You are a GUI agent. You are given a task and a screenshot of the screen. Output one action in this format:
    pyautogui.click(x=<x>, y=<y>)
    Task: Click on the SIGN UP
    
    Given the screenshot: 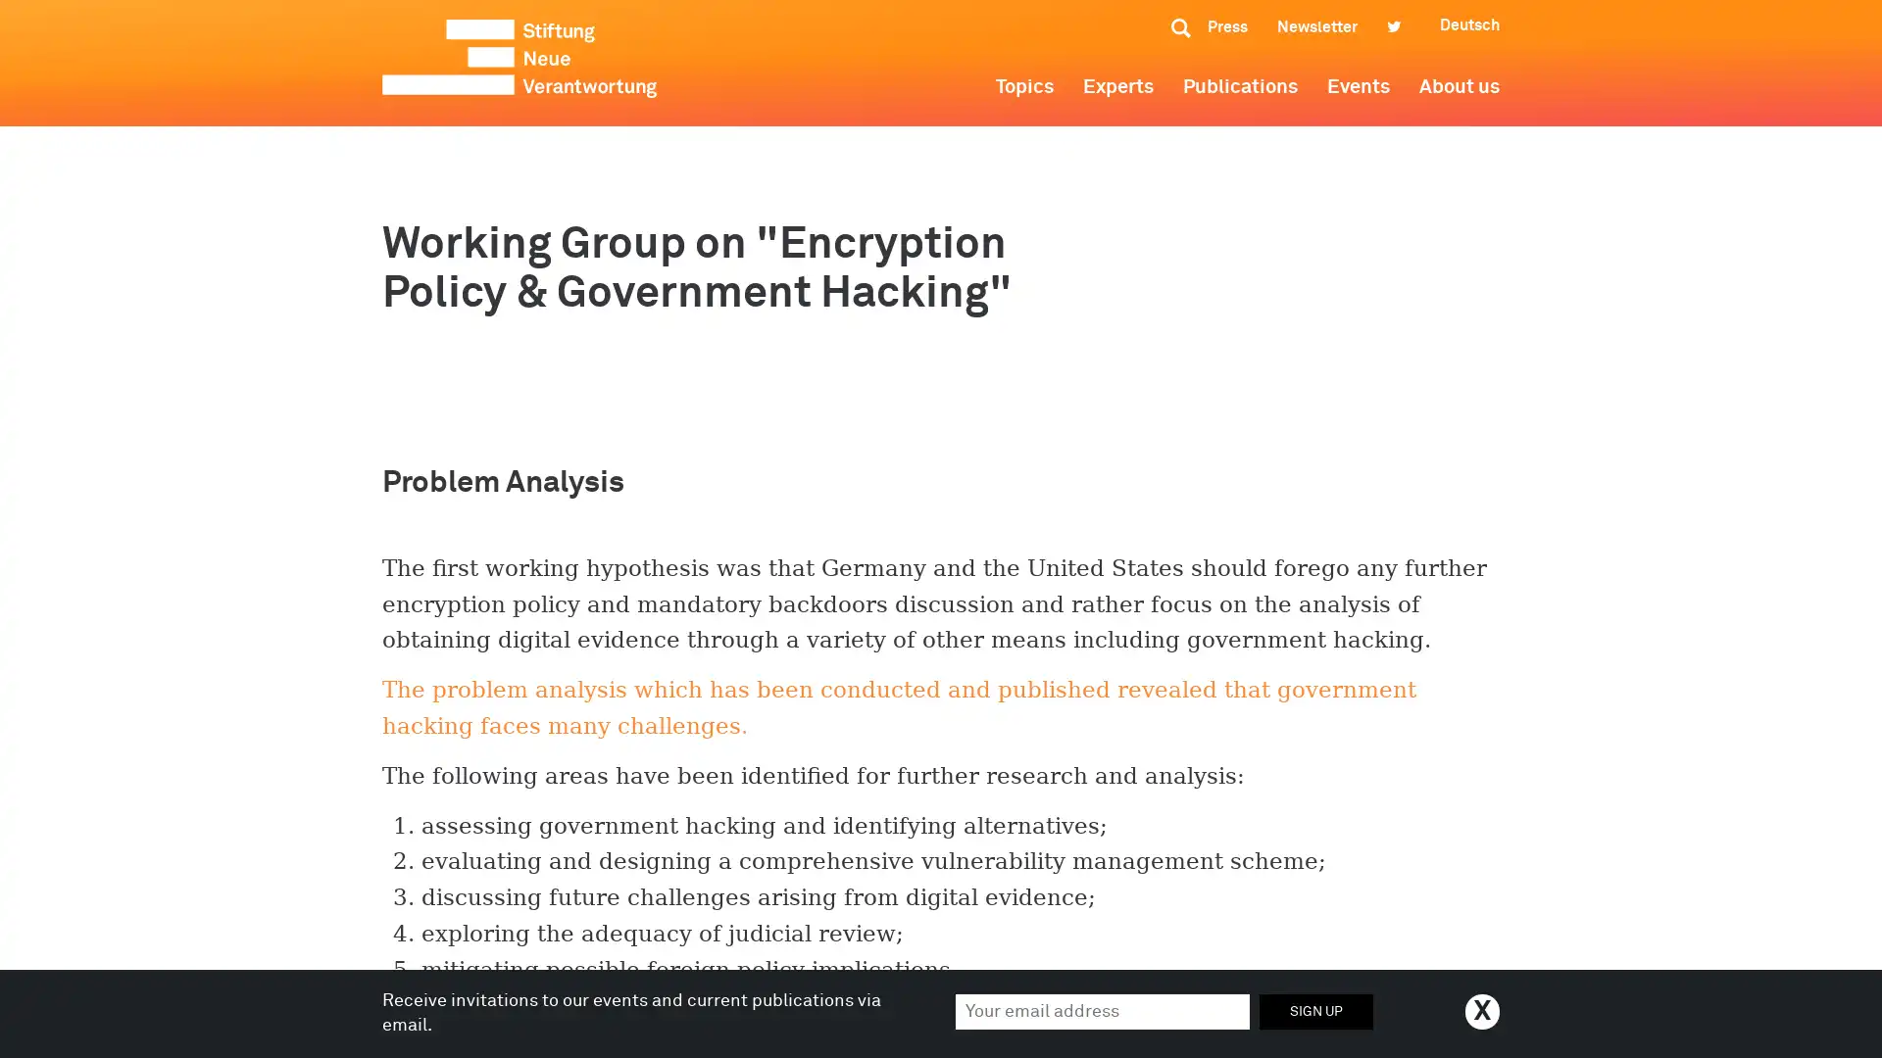 What is the action you would take?
    pyautogui.click(x=1316, y=1011)
    